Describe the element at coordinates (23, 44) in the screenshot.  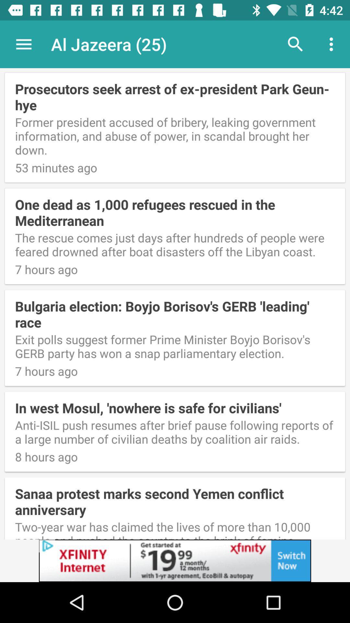
I see `the icon above the prosecutors seek arrest` at that location.